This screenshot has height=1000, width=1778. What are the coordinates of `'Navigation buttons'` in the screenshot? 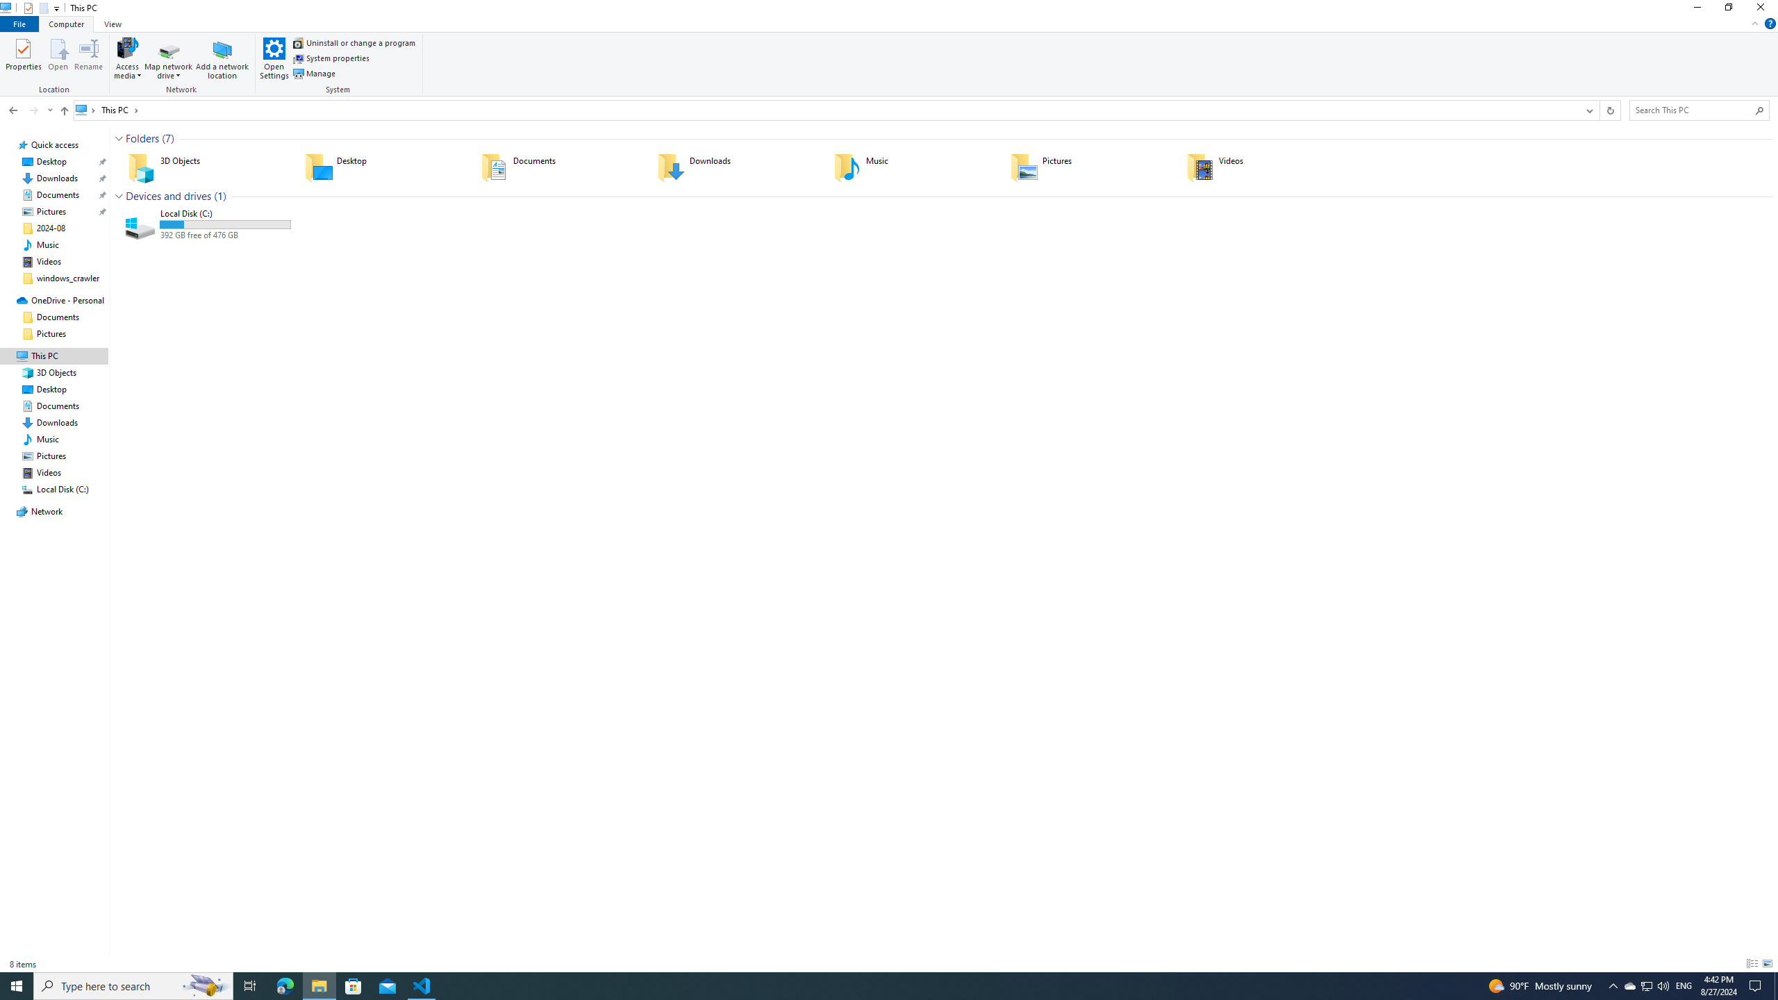 It's located at (29, 110).